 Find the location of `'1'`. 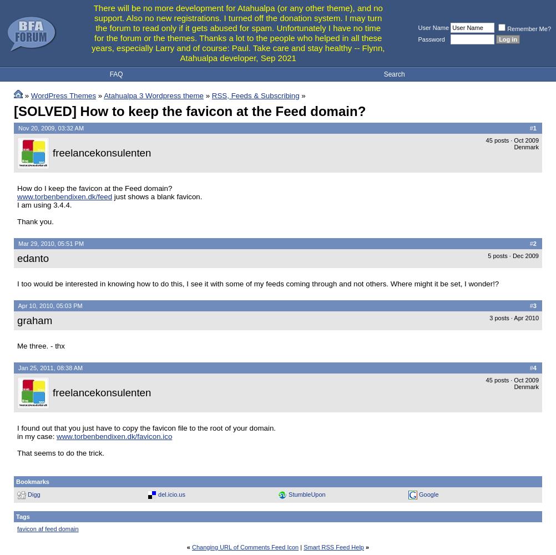

'1' is located at coordinates (534, 127).